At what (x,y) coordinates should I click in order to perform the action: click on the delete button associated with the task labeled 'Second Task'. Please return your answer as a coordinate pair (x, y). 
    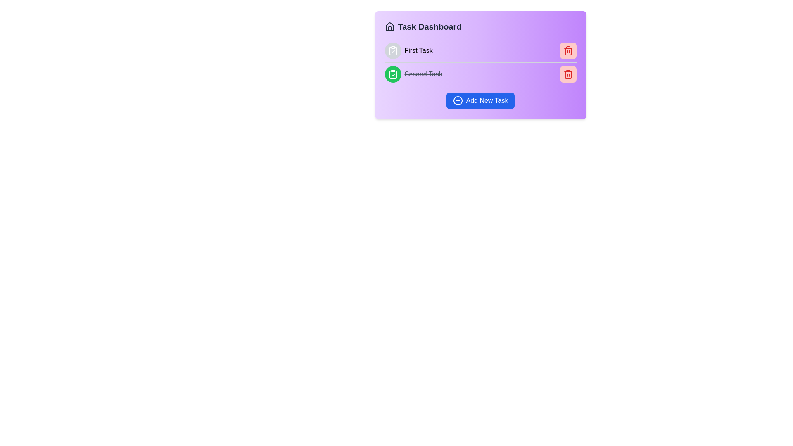
    Looking at the image, I should click on (567, 75).